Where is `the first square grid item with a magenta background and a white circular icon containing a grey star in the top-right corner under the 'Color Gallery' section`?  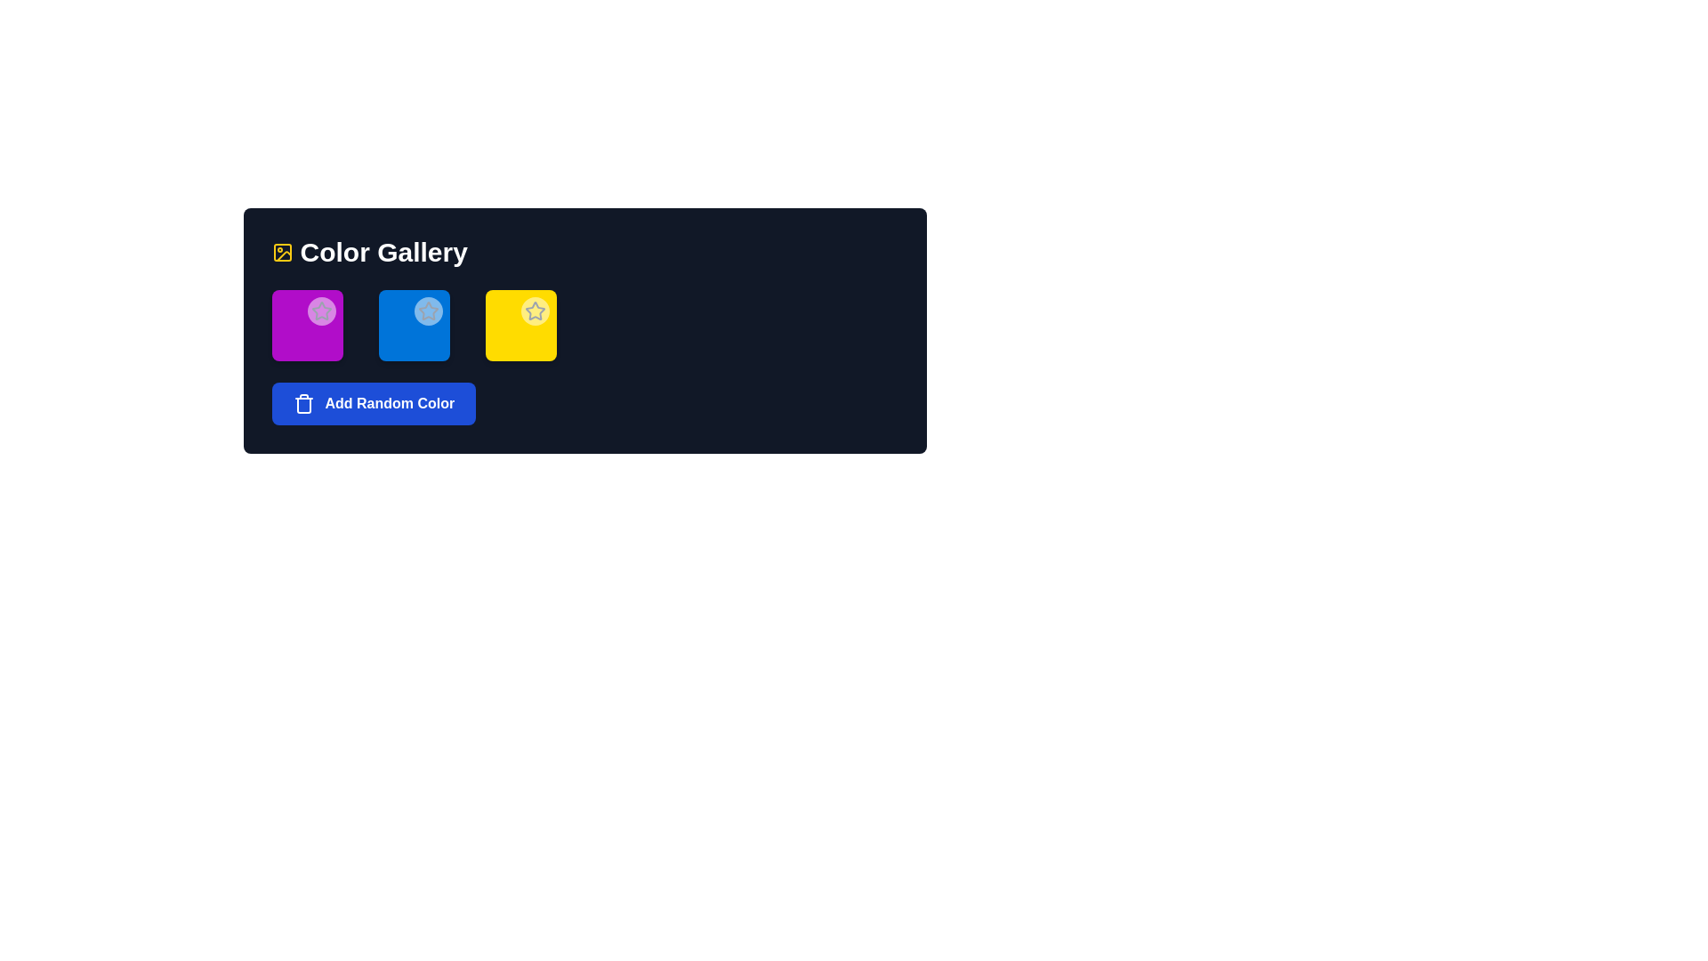 the first square grid item with a magenta background and a white circular icon containing a grey star in the top-right corner under the 'Color Gallery' section is located at coordinates (307, 326).